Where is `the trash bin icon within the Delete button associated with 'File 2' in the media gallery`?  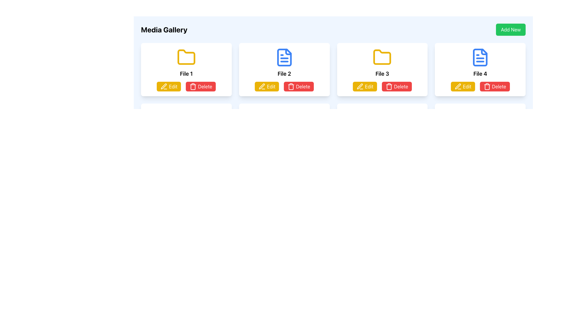 the trash bin icon within the Delete button associated with 'File 2' in the media gallery is located at coordinates (291, 86).